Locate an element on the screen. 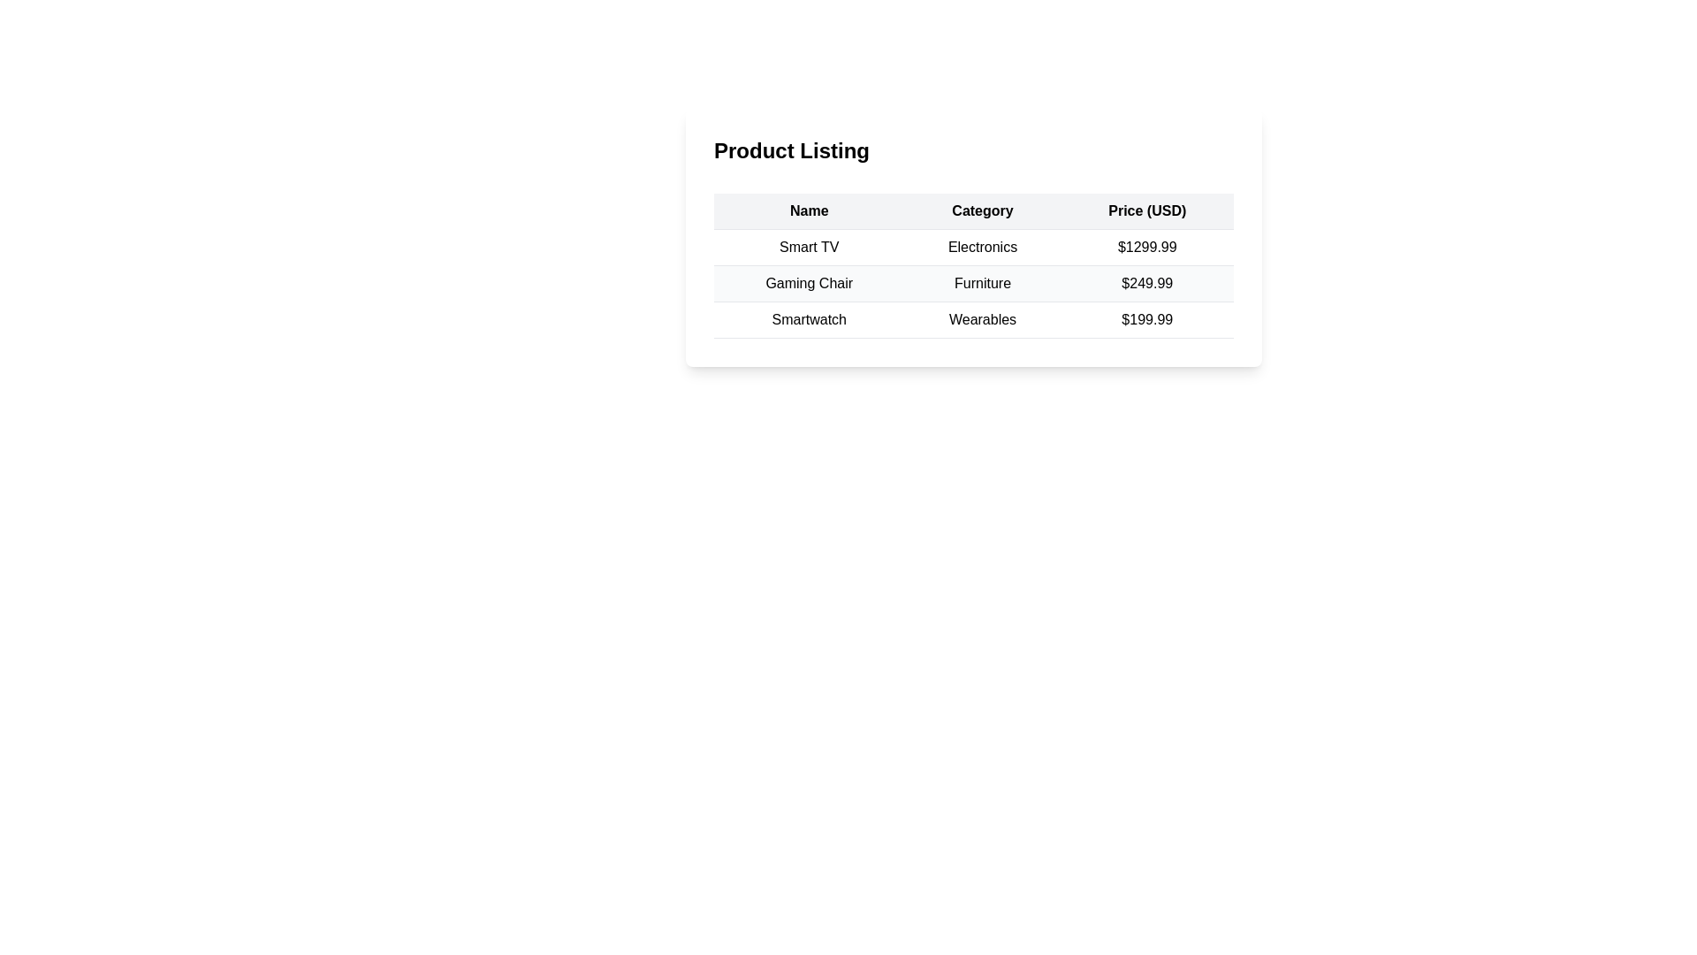 This screenshot has width=1697, height=955. the text label displaying the price '$199.99' in the 'Price' column of the product details for 'Smartwatch' is located at coordinates (1147, 320).